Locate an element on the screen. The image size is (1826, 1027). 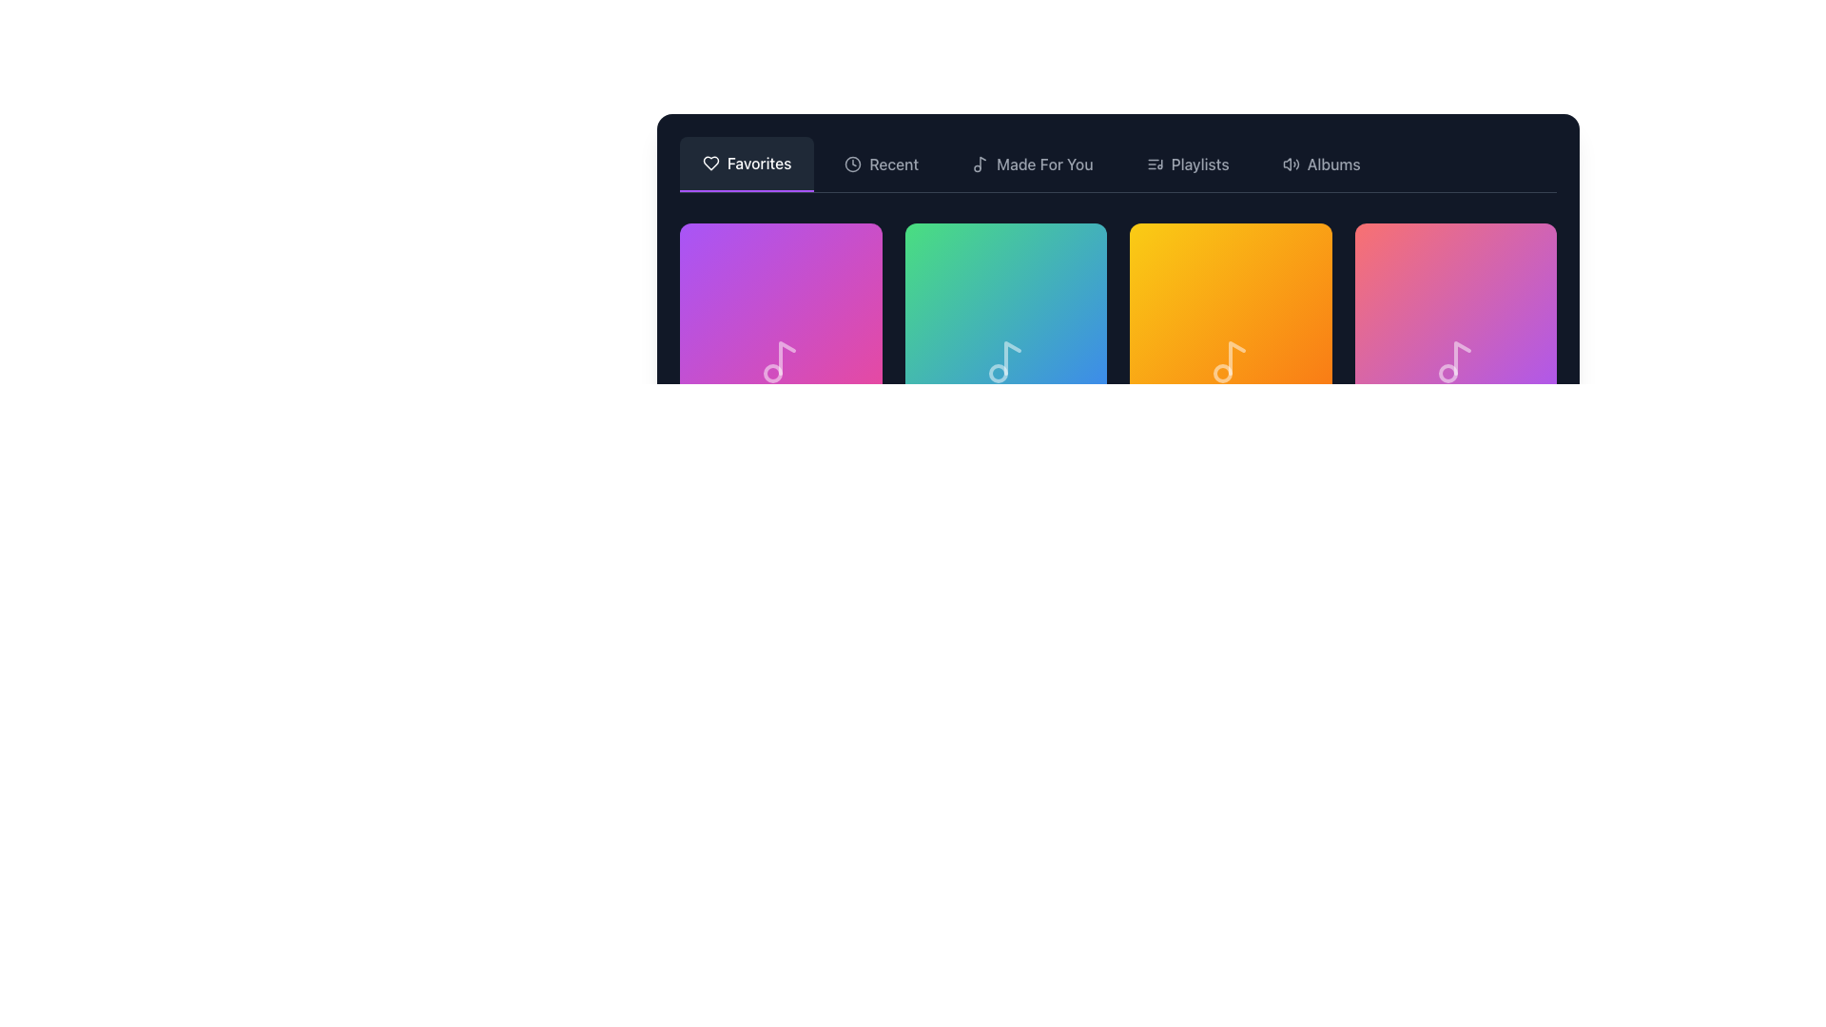
the 'Recent' button, which is the second tab in the navigation bar, featuring a clock icon and labeled 'Recent' is located at coordinates (881, 164).